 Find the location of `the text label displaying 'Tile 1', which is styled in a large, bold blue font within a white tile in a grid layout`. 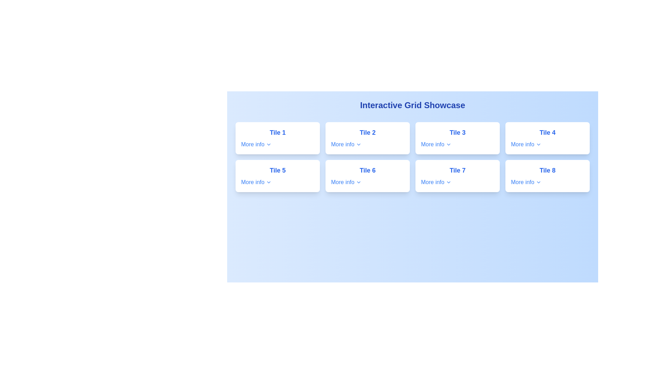

the text label displaying 'Tile 1', which is styled in a large, bold blue font within a white tile in a grid layout is located at coordinates (277, 132).